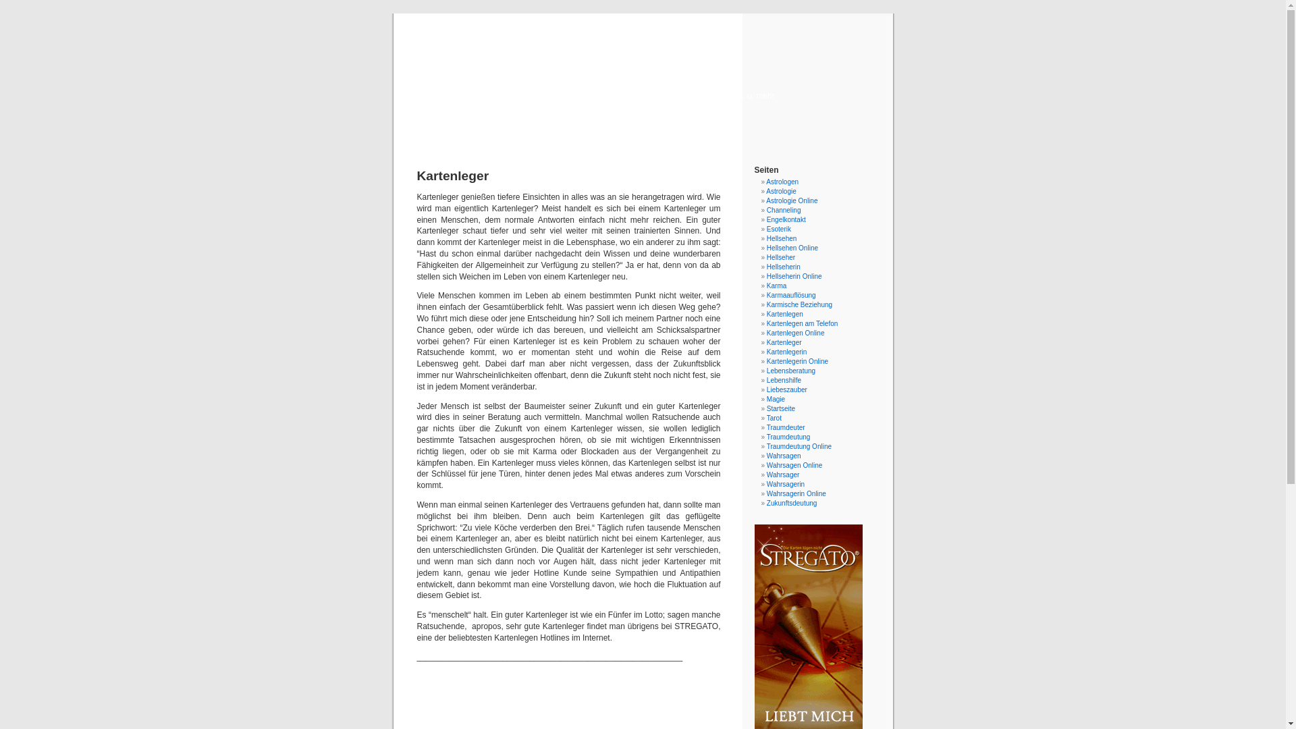 Image resolution: width=1296 pixels, height=729 pixels. What do you see at coordinates (784, 210) in the screenshot?
I see `'Channeling'` at bounding box center [784, 210].